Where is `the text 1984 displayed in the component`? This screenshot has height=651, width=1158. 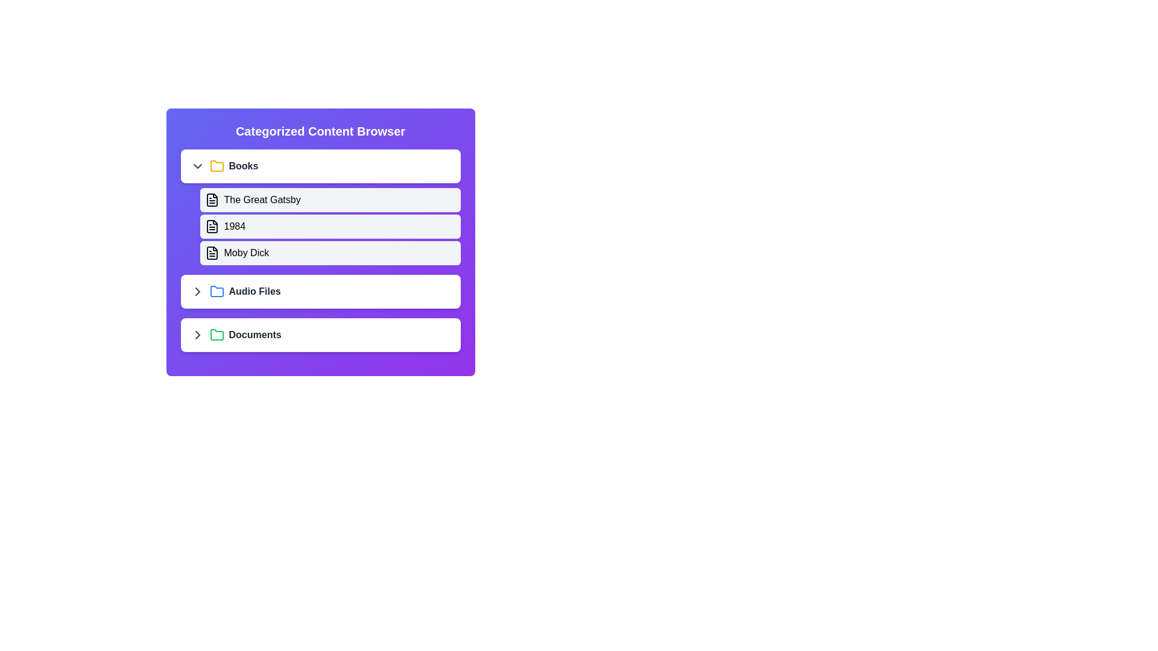
the text 1984 displayed in the component is located at coordinates (234, 226).